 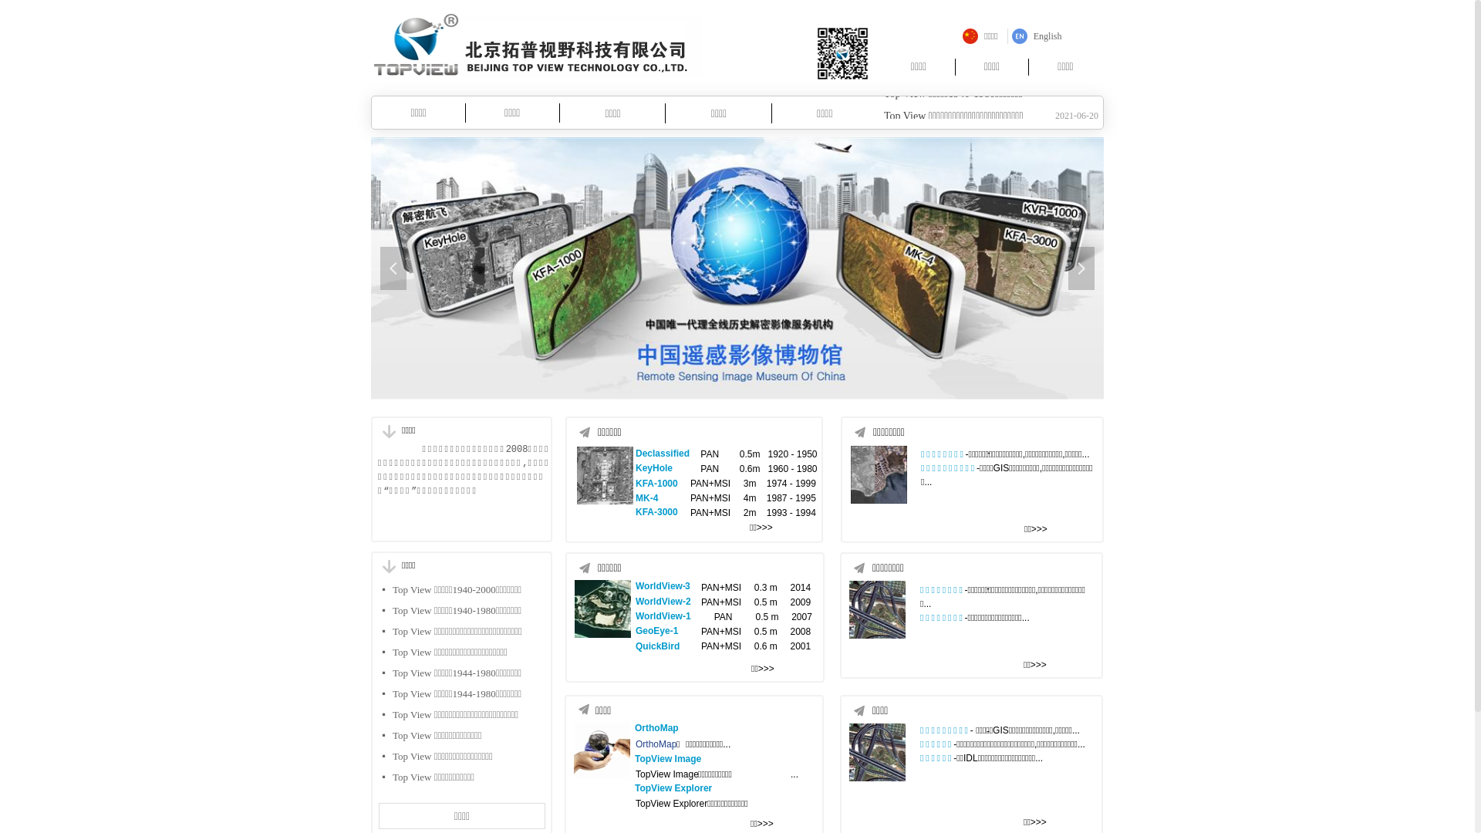 What do you see at coordinates (630, 728) in the screenshot?
I see `'OrthoMap'` at bounding box center [630, 728].